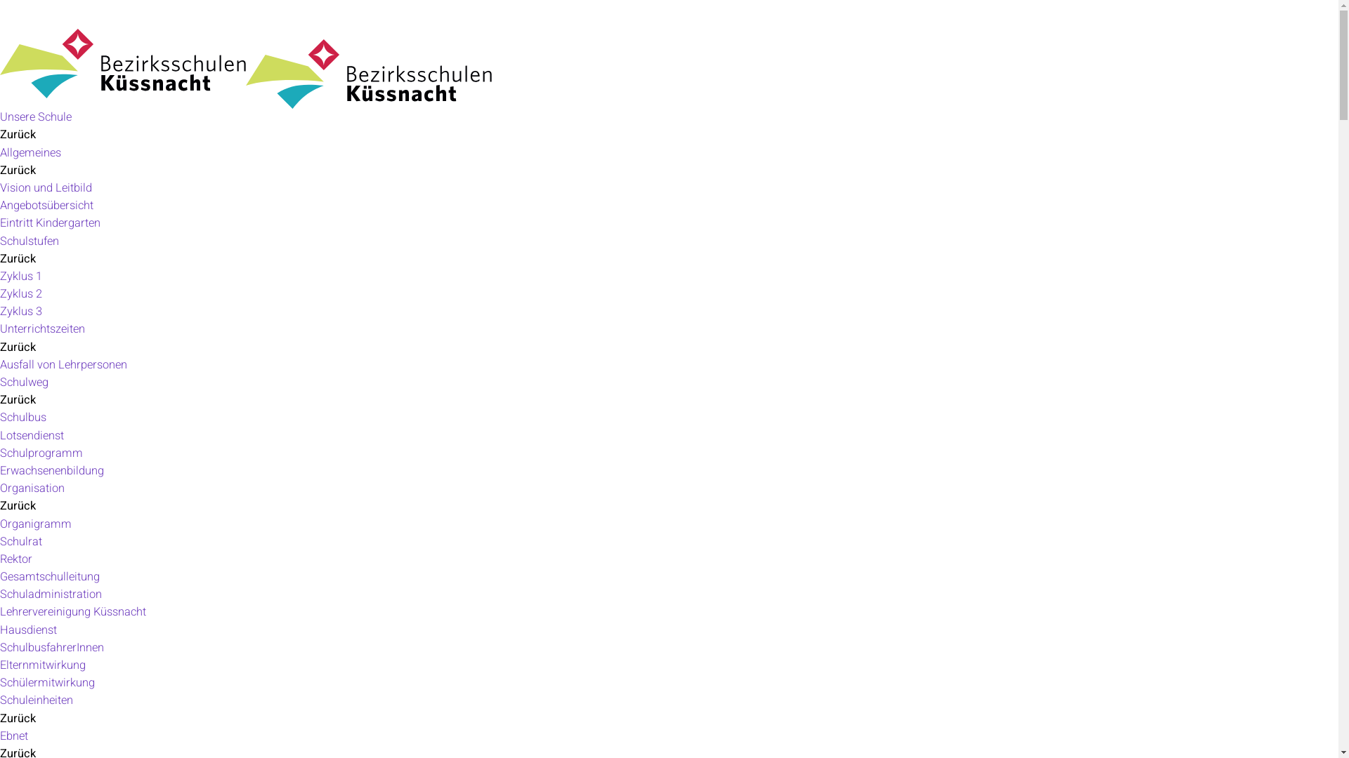 Image resolution: width=1349 pixels, height=758 pixels. Describe the element at coordinates (36, 116) in the screenshot. I see `'Unsere Schule'` at that location.